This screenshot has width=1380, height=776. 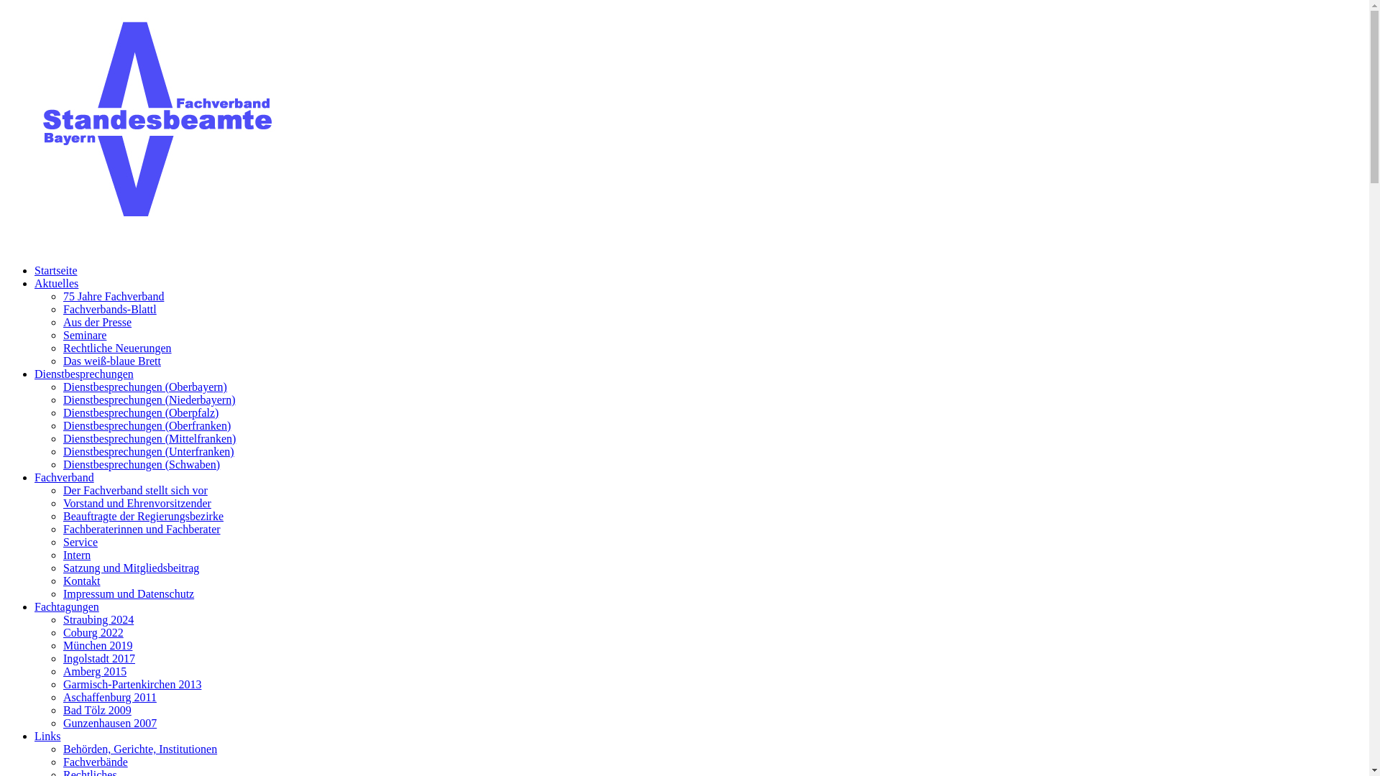 I want to click on 'Links', so click(x=47, y=736).